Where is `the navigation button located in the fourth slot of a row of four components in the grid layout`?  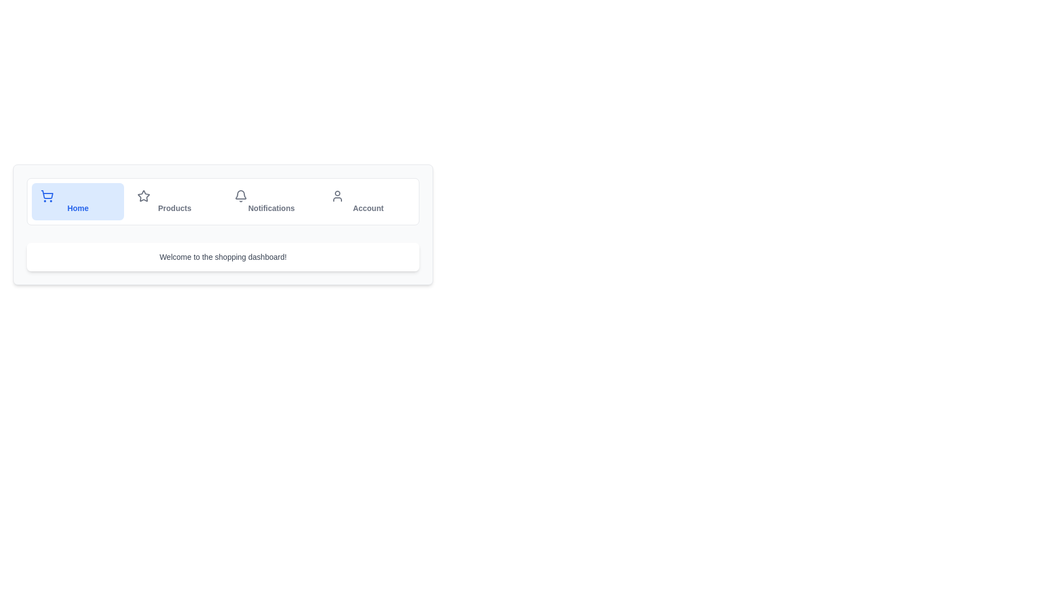 the navigation button located in the fourth slot of a row of four components in the grid layout is located at coordinates (368, 201).